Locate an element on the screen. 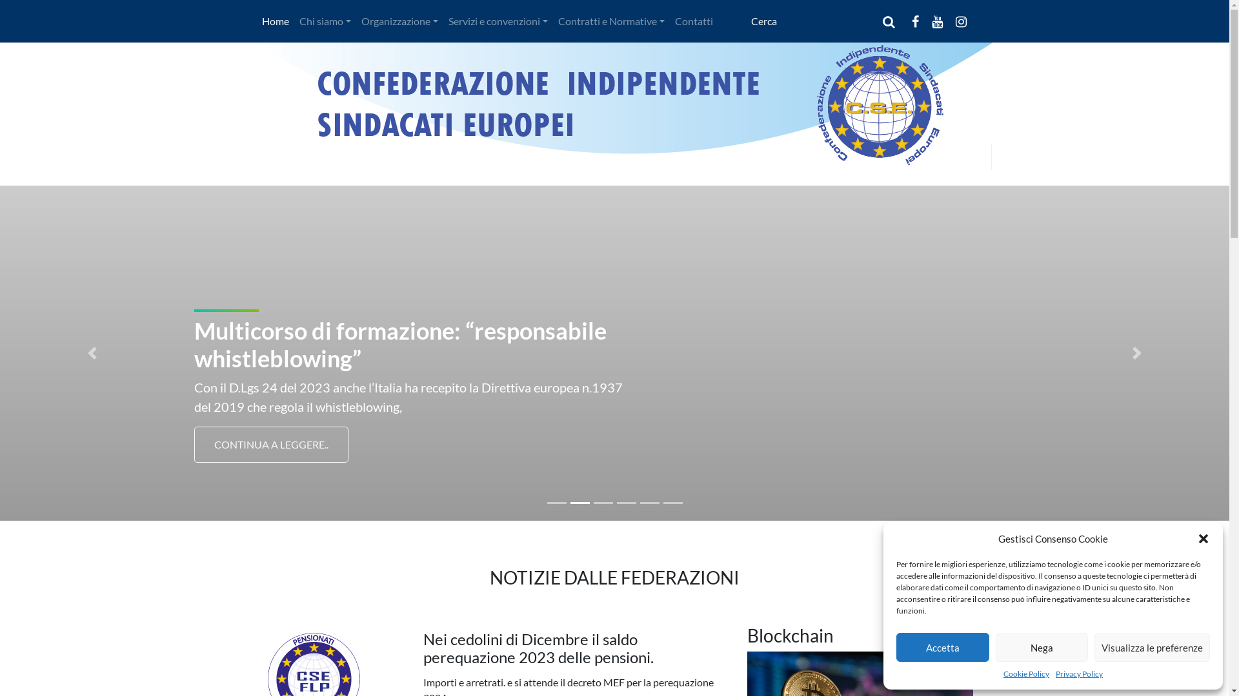 The width and height of the screenshot is (1239, 696). 'Previous' is located at coordinates (92, 353).